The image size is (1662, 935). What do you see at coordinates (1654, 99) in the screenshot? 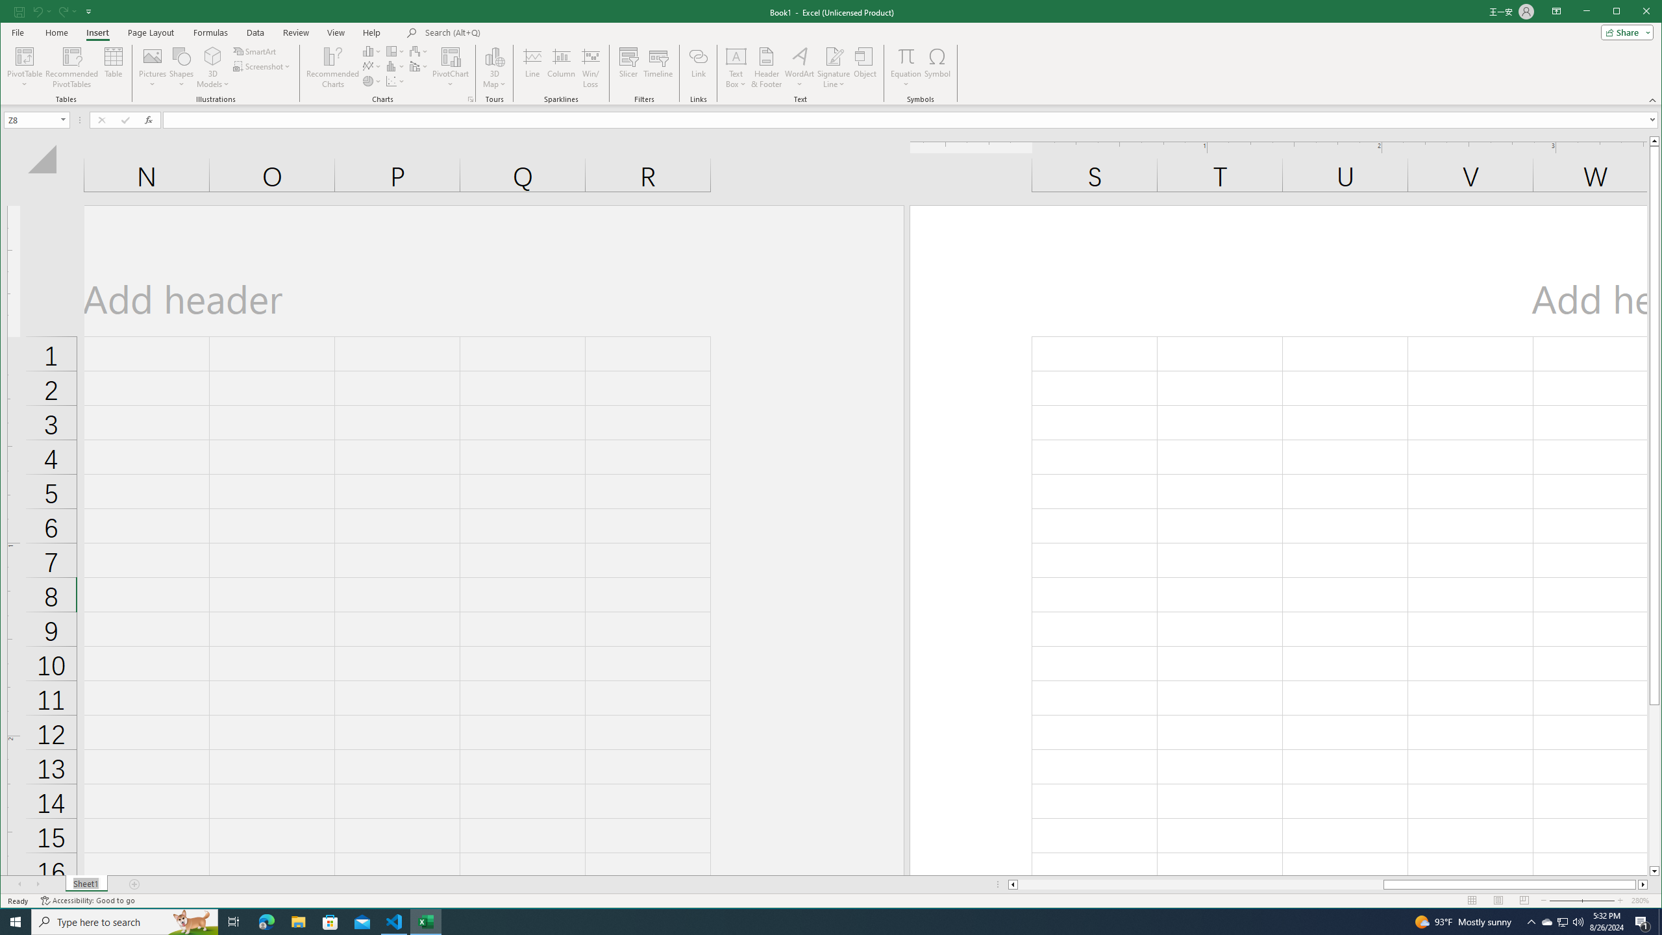
I see `'Collapse the Ribbon'` at bounding box center [1654, 99].